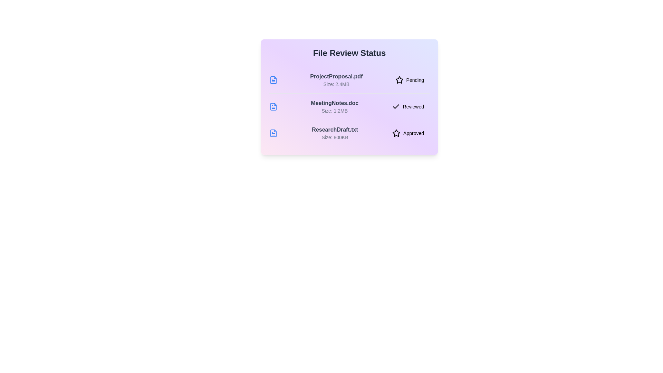 The width and height of the screenshot is (663, 373). What do you see at coordinates (407, 106) in the screenshot?
I see `the status indicator of the file MeetingNotes.doc to view its status` at bounding box center [407, 106].